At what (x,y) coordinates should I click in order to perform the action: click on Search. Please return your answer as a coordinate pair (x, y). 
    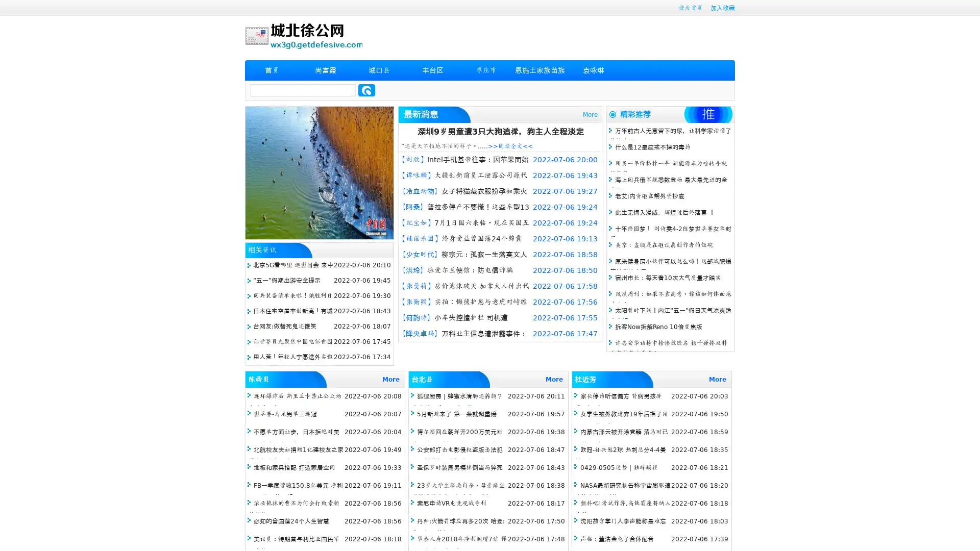
    Looking at the image, I should click on (366, 90).